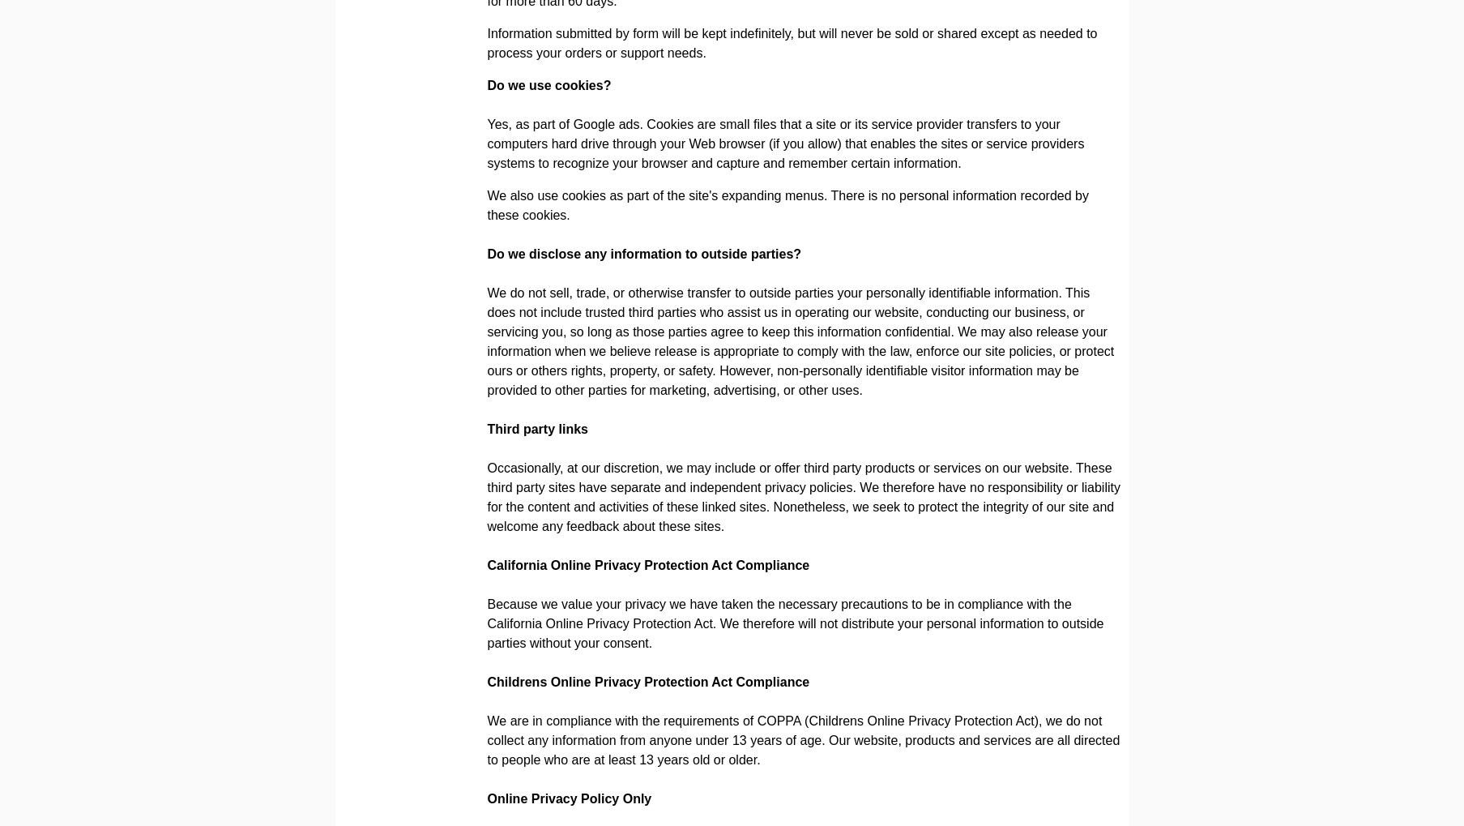  I want to click on 'Information submitted by form will be kept indefinitely, but will never be sold or shared except as needed to process your orders or support needs.', so click(792, 43).